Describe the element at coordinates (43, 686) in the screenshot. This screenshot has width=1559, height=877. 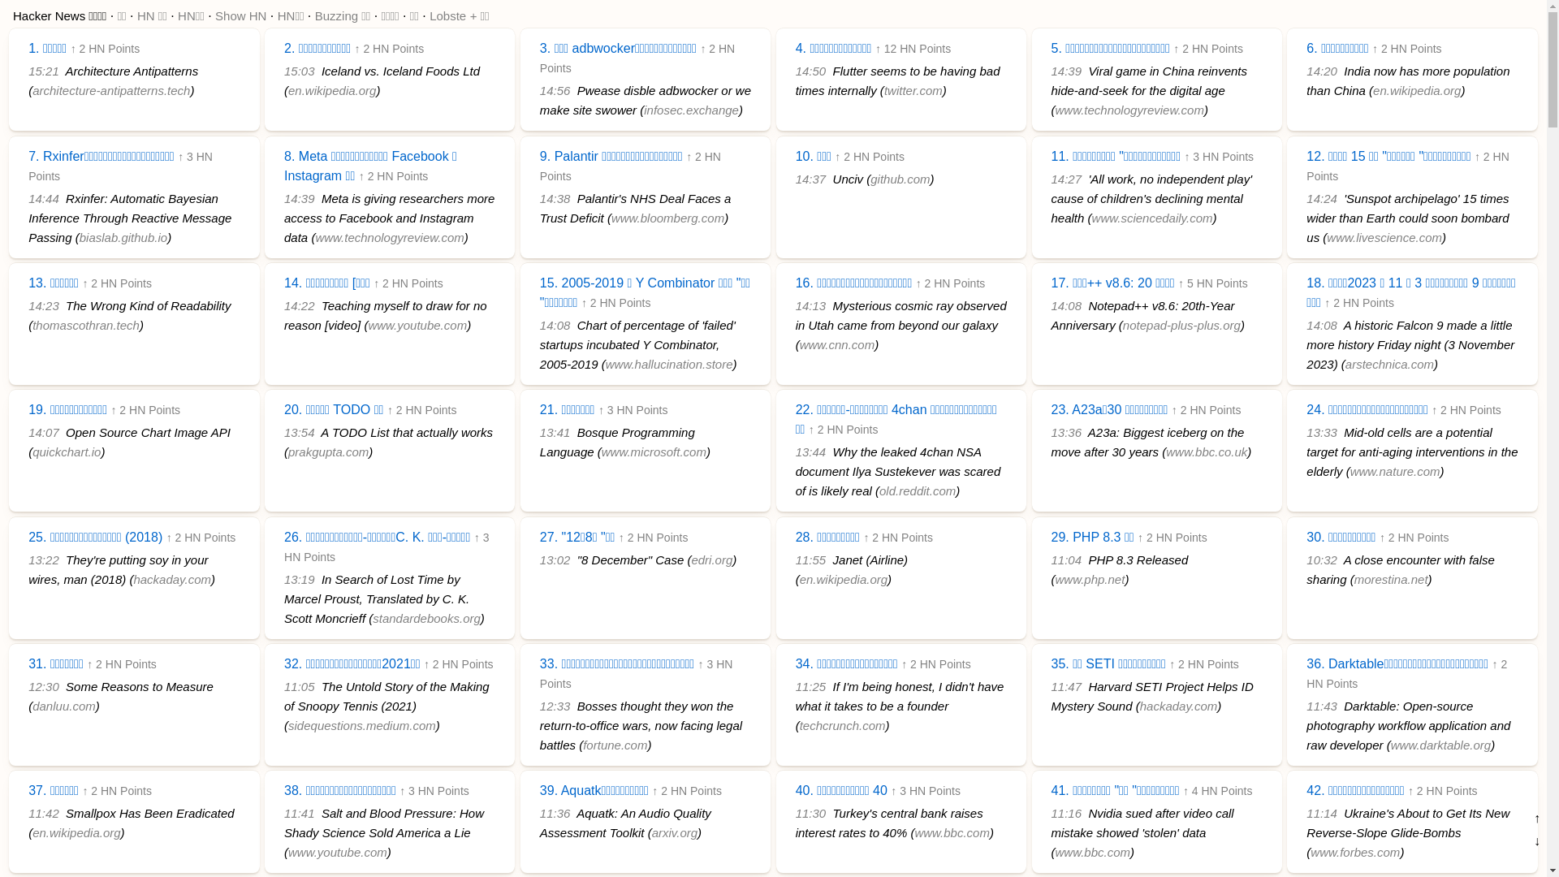
I see `'12:30'` at that location.